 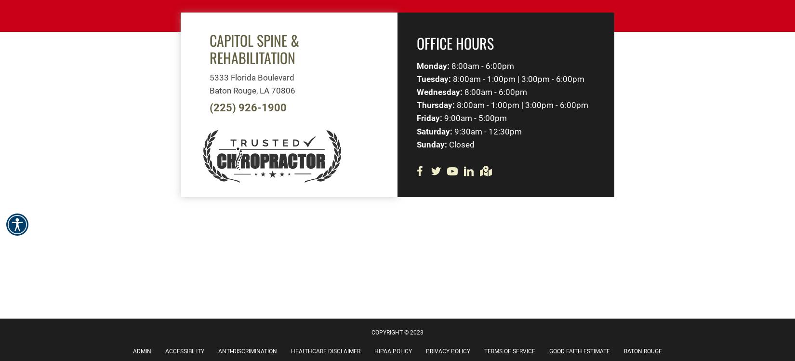 What do you see at coordinates (448, 351) in the screenshot?
I see `'Privacy Policy'` at bounding box center [448, 351].